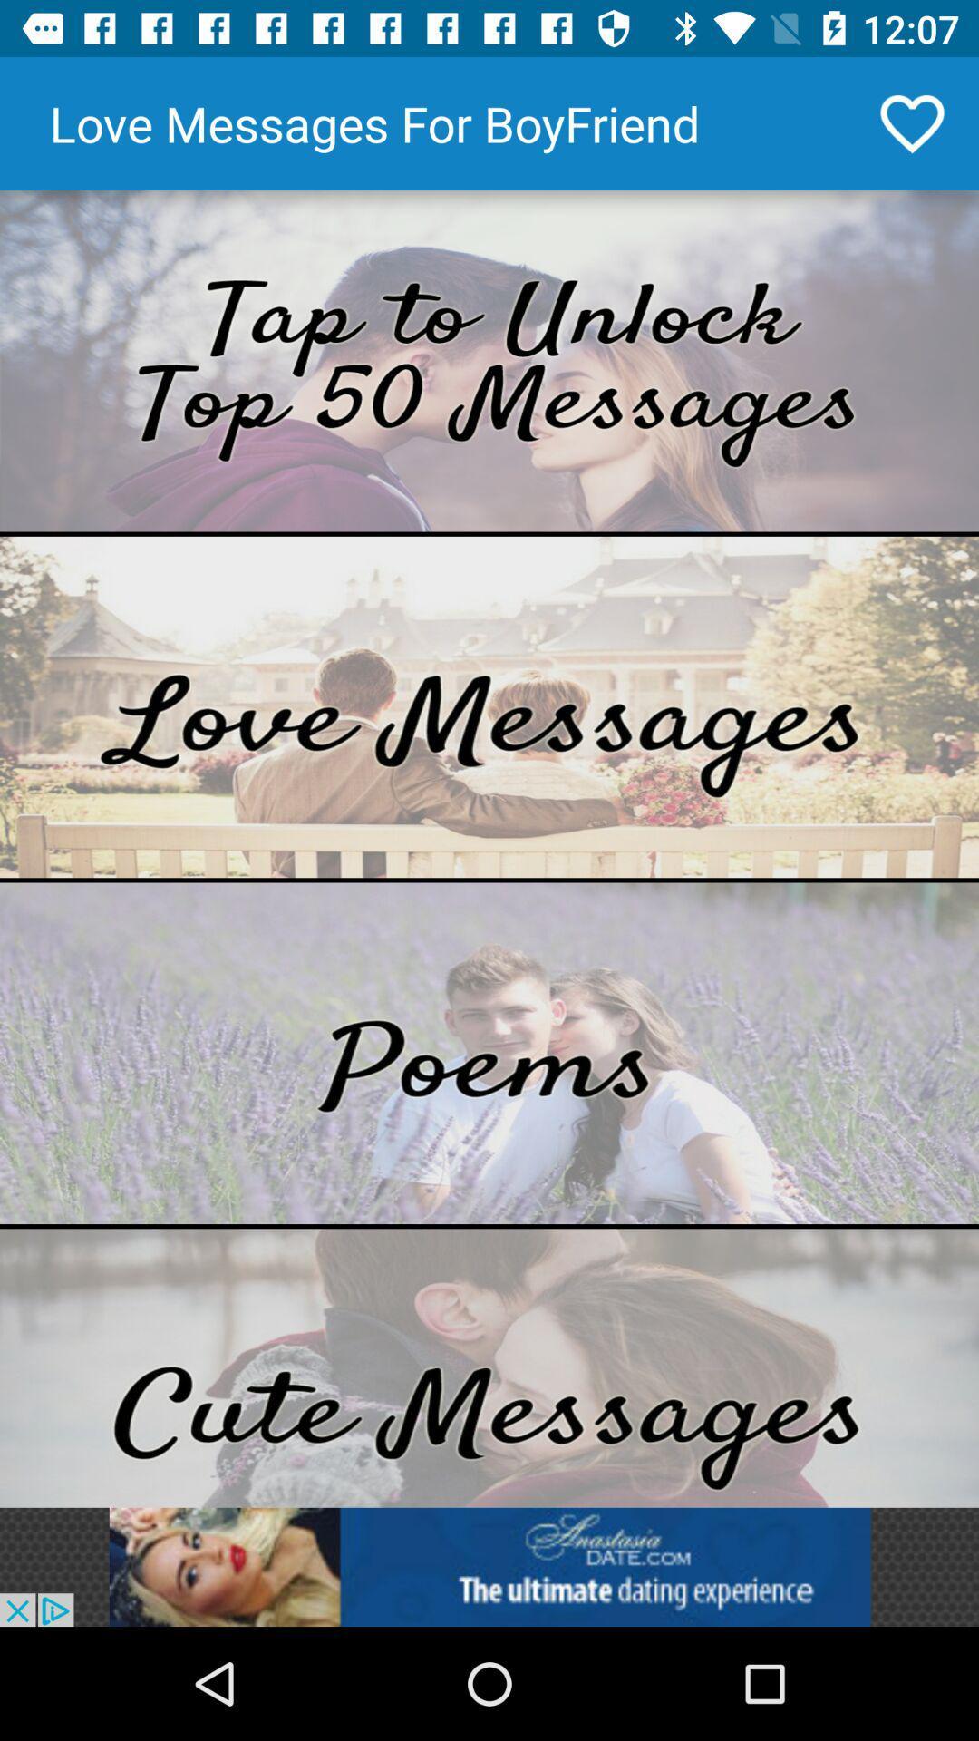 The height and width of the screenshot is (1741, 979). Describe the element at coordinates (489, 1053) in the screenshot. I see `poems` at that location.